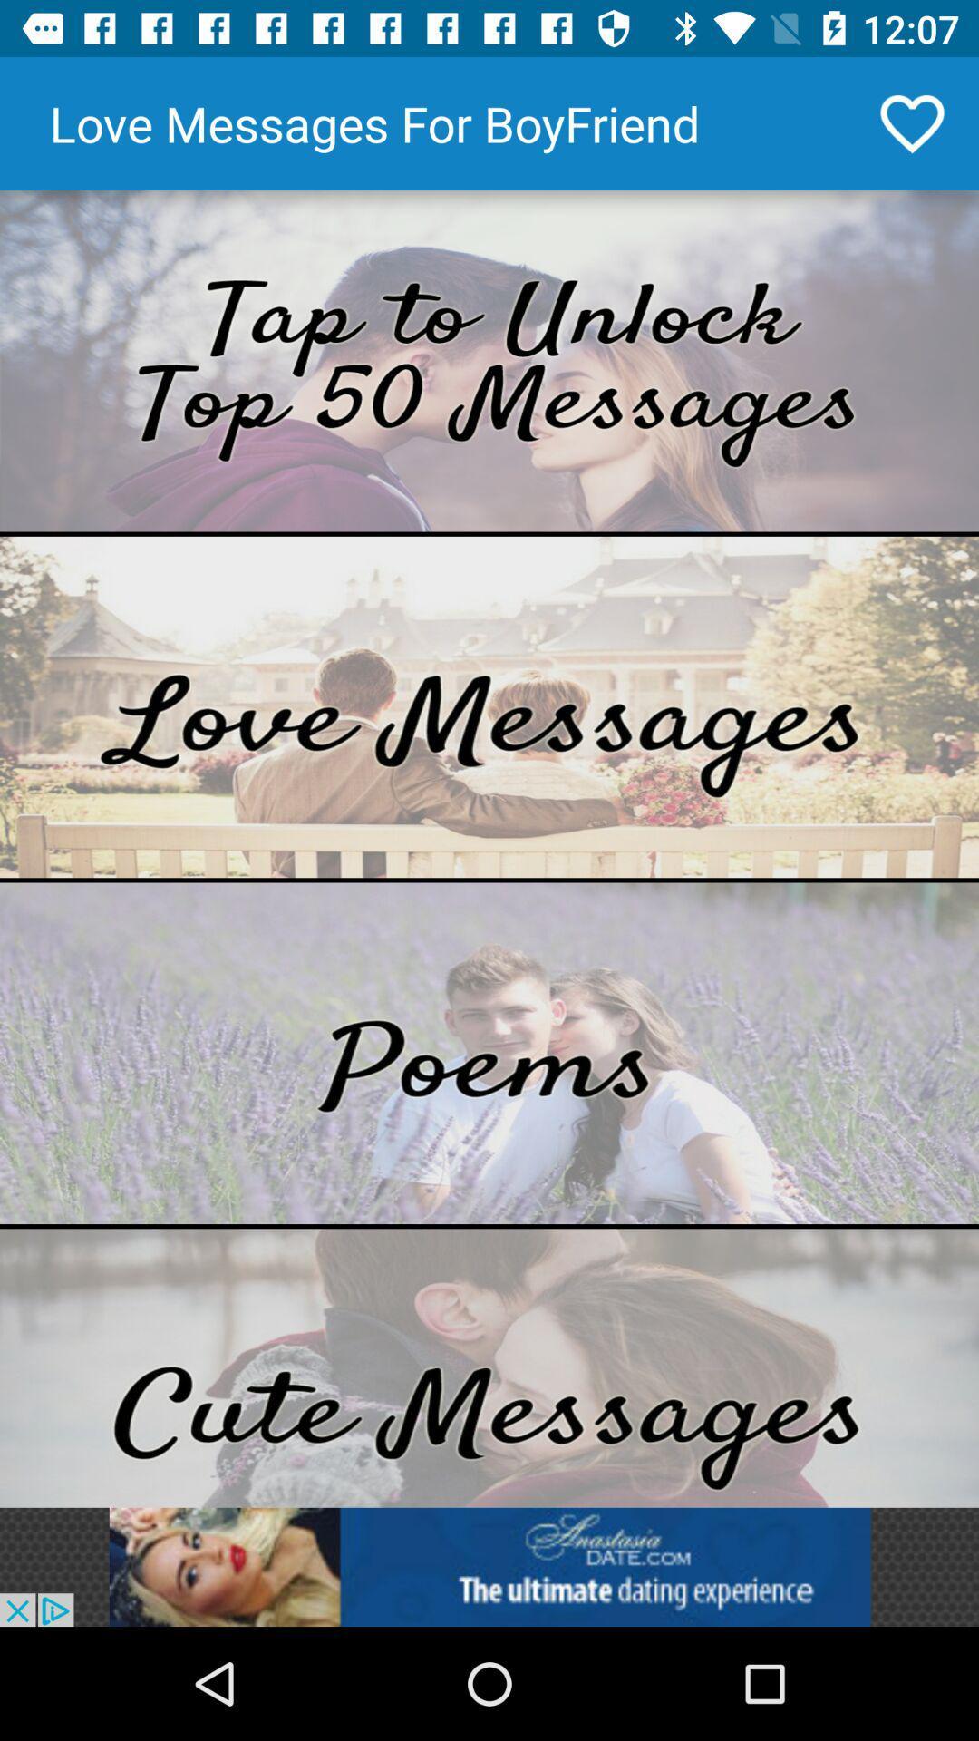 The height and width of the screenshot is (1741, 979). Describe the element at coordinates (489, 1053) in the screenshot. I see `poems` at that location.